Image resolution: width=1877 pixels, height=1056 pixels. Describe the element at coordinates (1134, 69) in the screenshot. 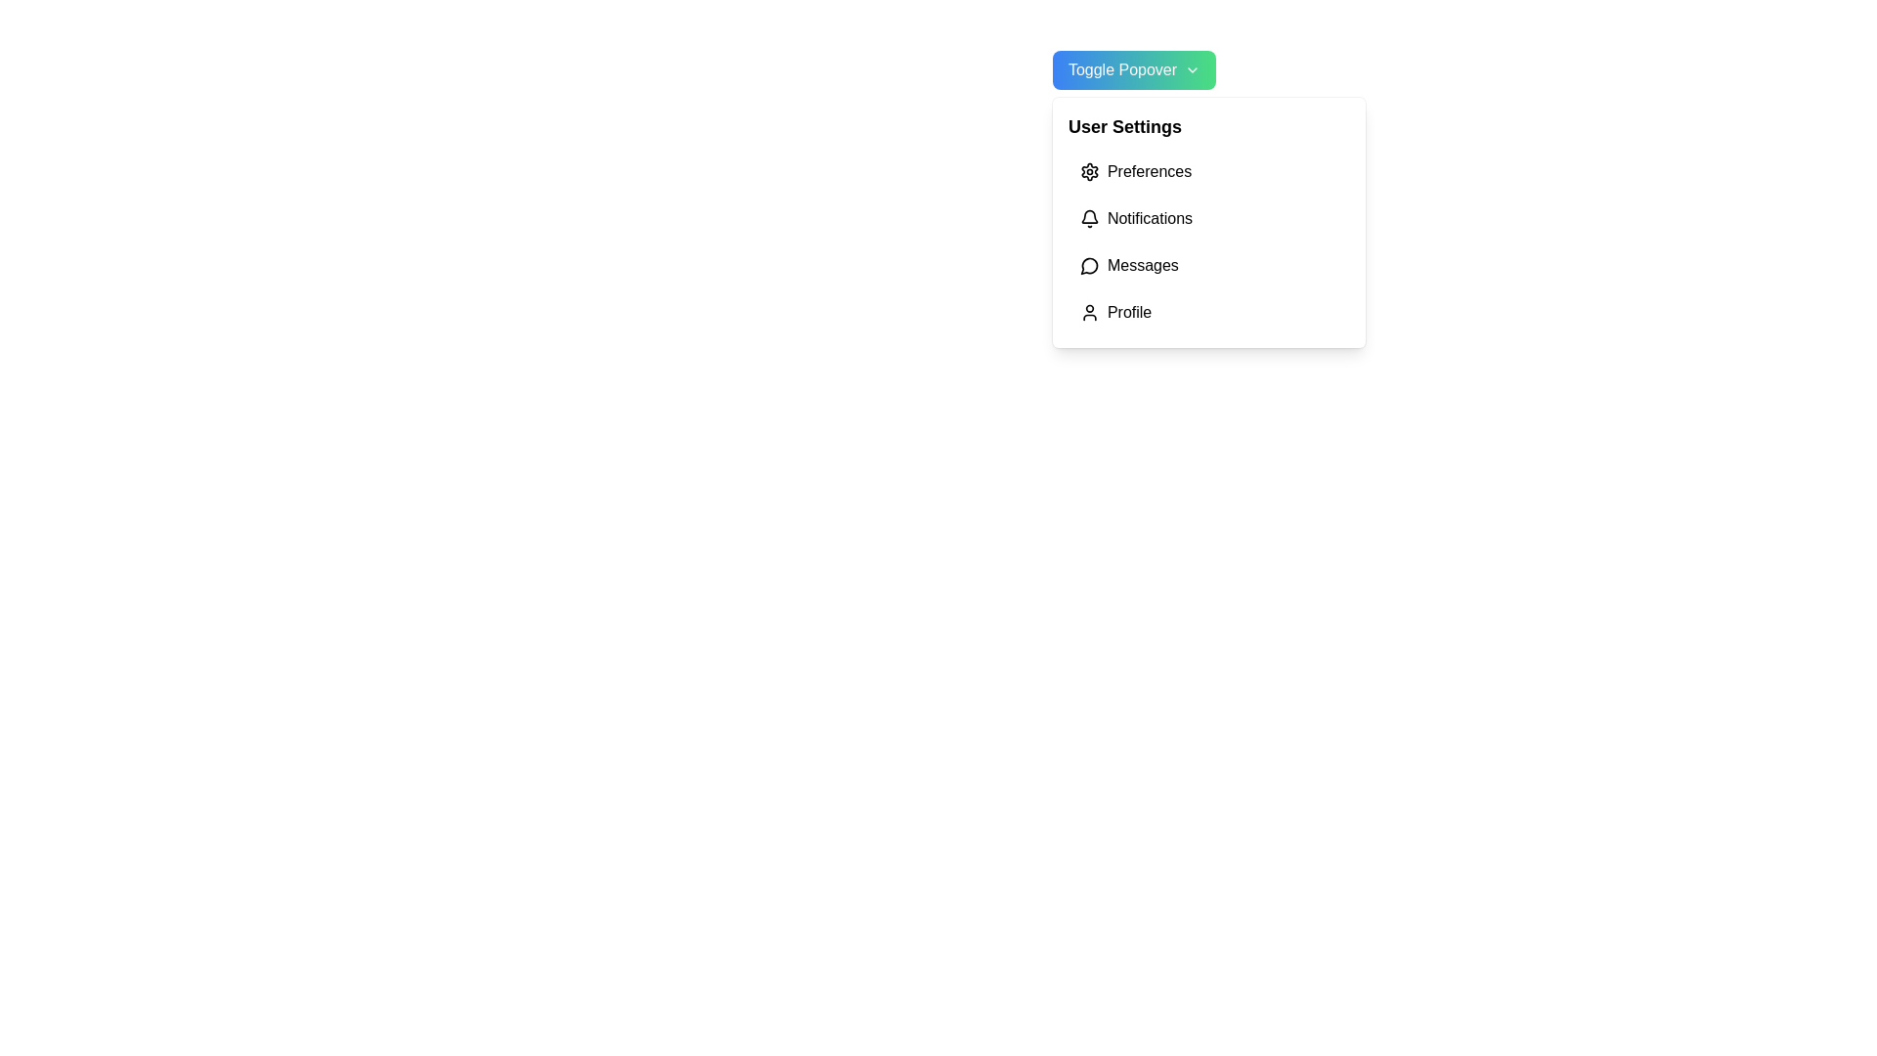

I see `the toggle button located in the top-right section of the interface` at that location.